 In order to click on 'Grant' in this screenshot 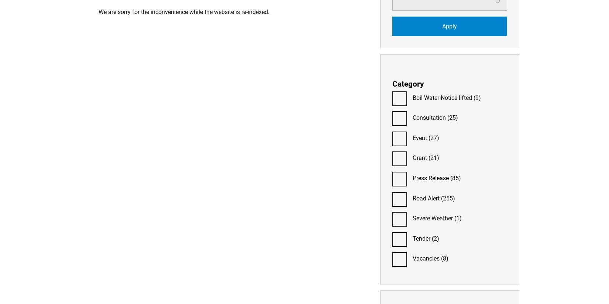, I will do `click(419, 158)`.